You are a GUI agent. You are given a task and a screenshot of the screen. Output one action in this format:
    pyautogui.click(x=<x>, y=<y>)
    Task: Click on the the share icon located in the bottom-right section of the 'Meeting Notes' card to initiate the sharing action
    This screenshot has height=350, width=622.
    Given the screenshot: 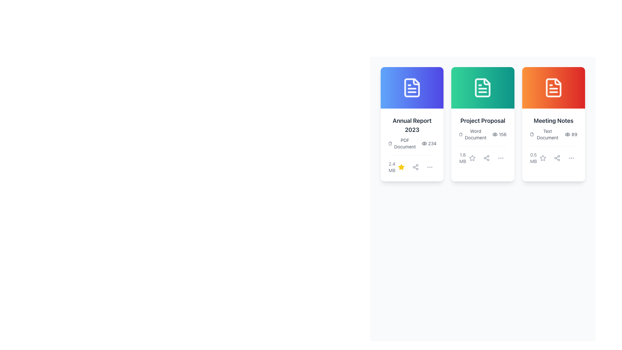 What is the action you would take?
    pyautogui.click(x=557, y=158)
    